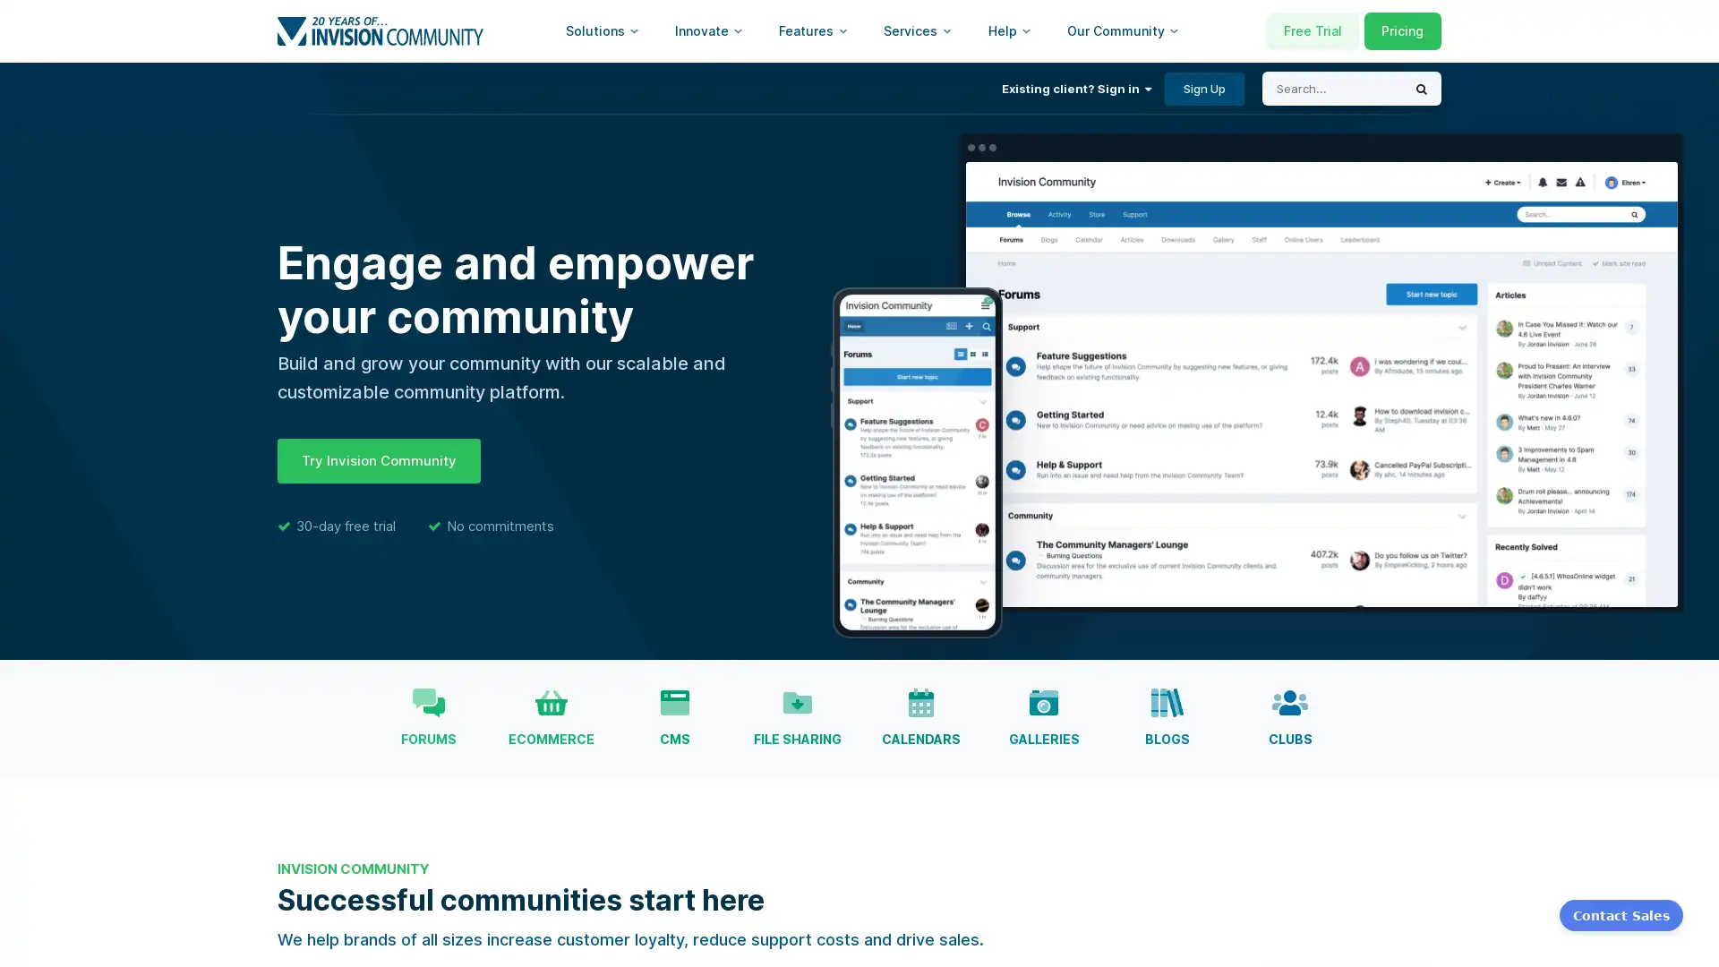  I want to click on Features, so click(812, 30).